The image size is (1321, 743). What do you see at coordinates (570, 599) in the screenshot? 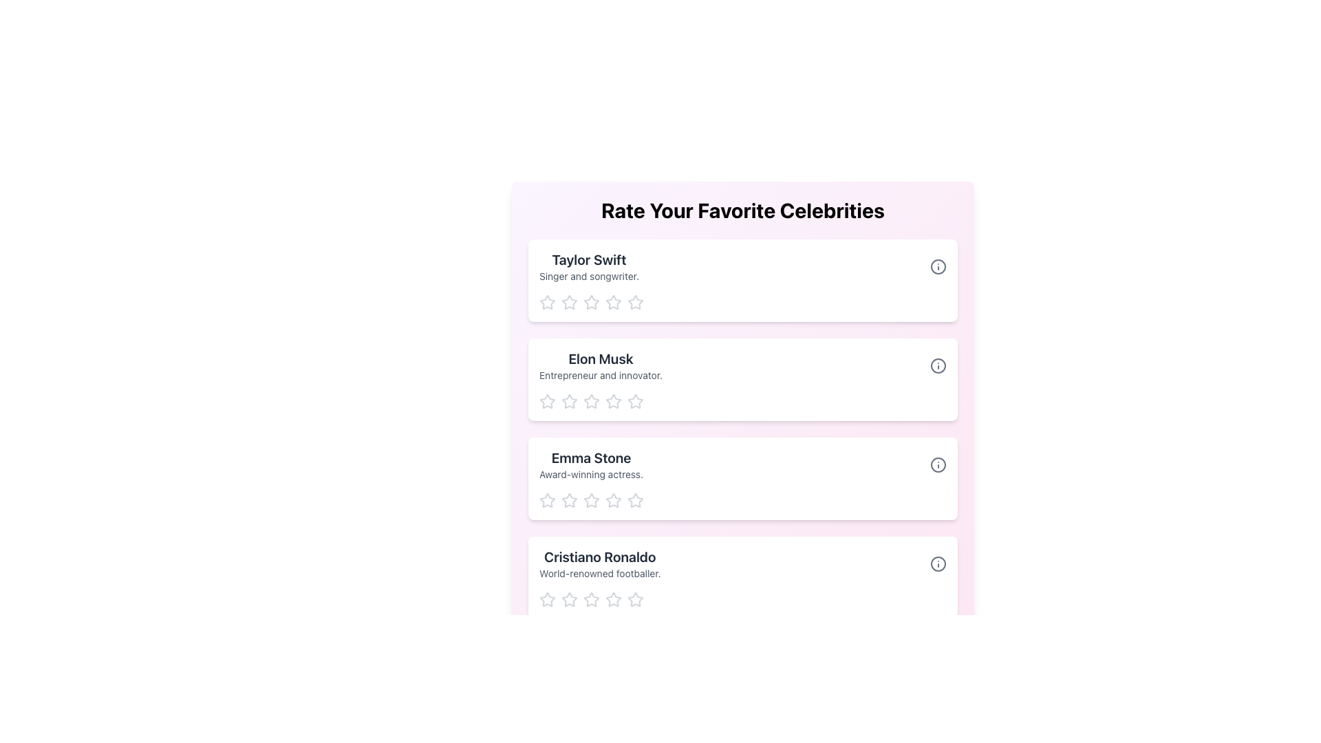
I see `the first star icon to rate 'Cristiano Ronaldo' under the 'Rate Your Favorite Celebrities' section` at bounding box center [570, 599].